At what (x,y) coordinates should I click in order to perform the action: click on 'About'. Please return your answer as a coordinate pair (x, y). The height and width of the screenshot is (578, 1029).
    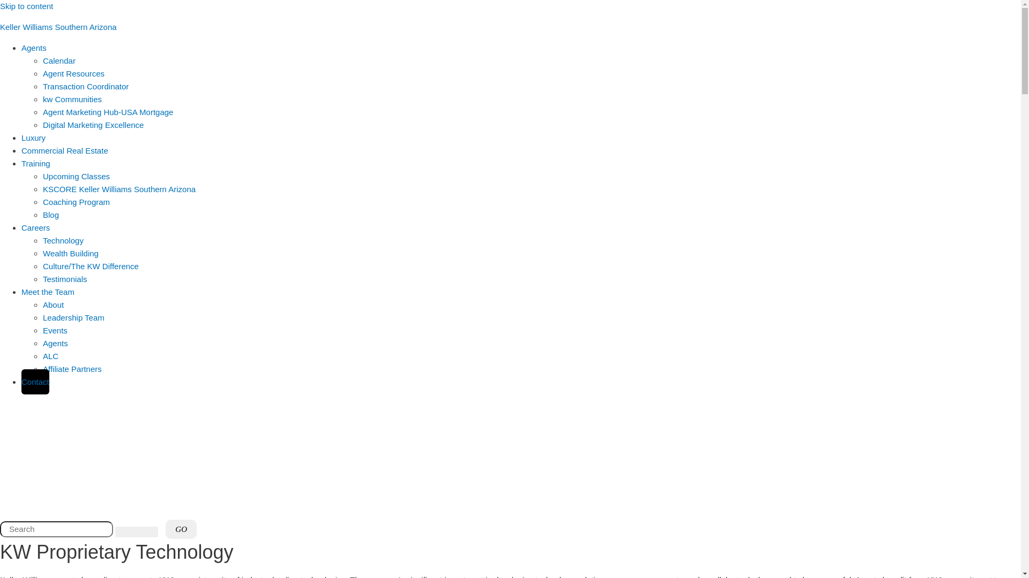
    Looking at the image, I should click on (53, 305).